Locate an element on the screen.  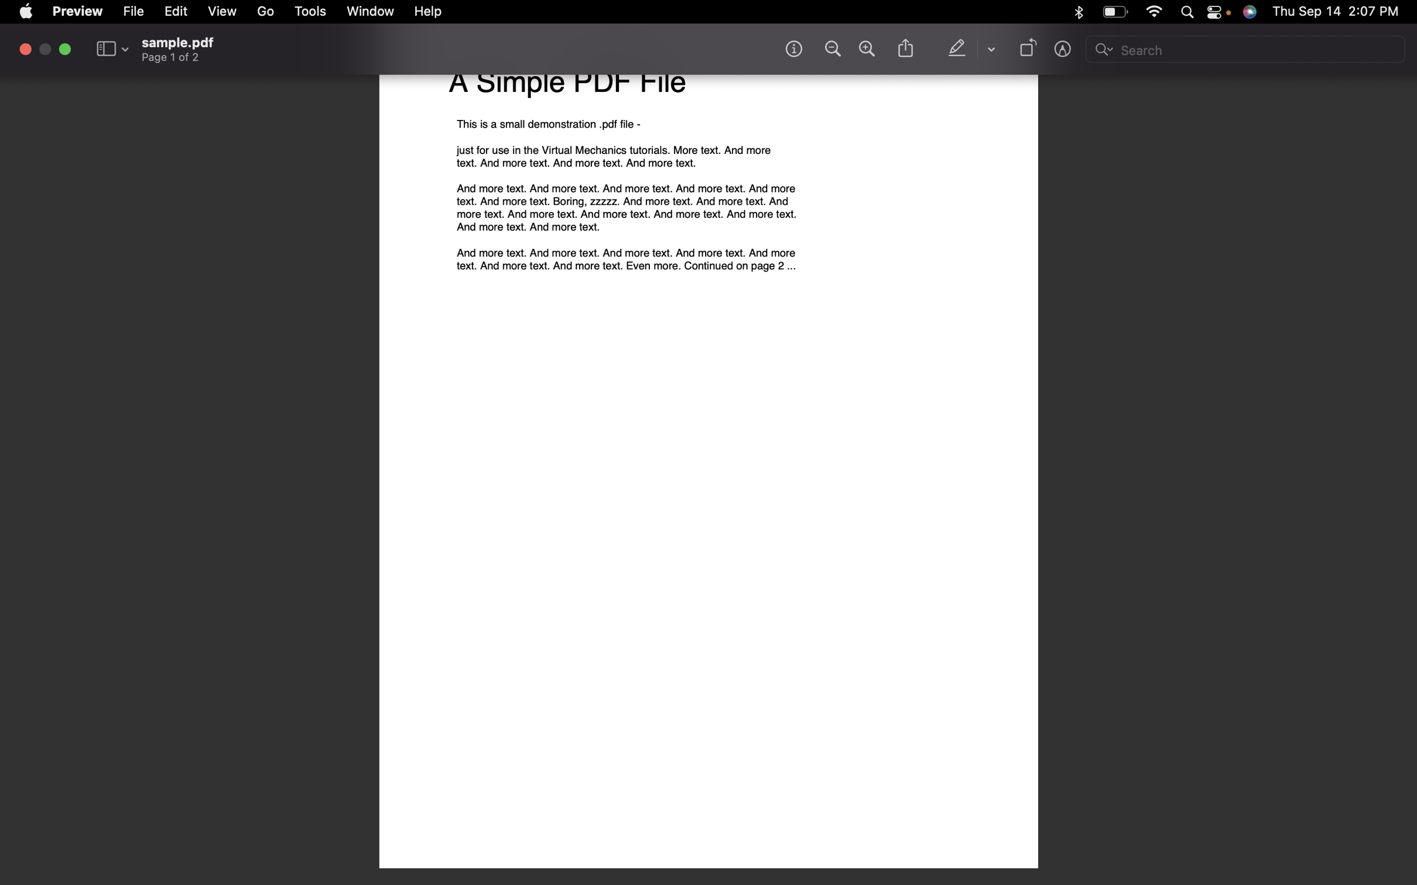
Highlight selected text is located at coordinates (959, 49).